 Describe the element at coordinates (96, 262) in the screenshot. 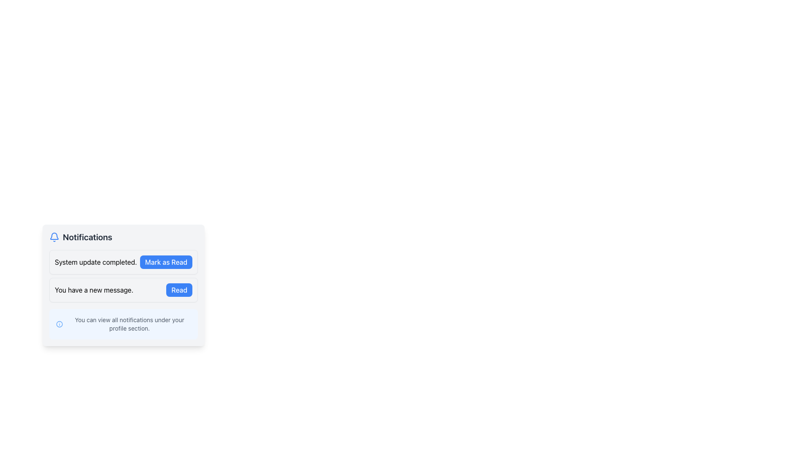

I see `text displayed in the text label that shows 'System update completed.' located in the first notification block below the title 'Notifications'` at that location.